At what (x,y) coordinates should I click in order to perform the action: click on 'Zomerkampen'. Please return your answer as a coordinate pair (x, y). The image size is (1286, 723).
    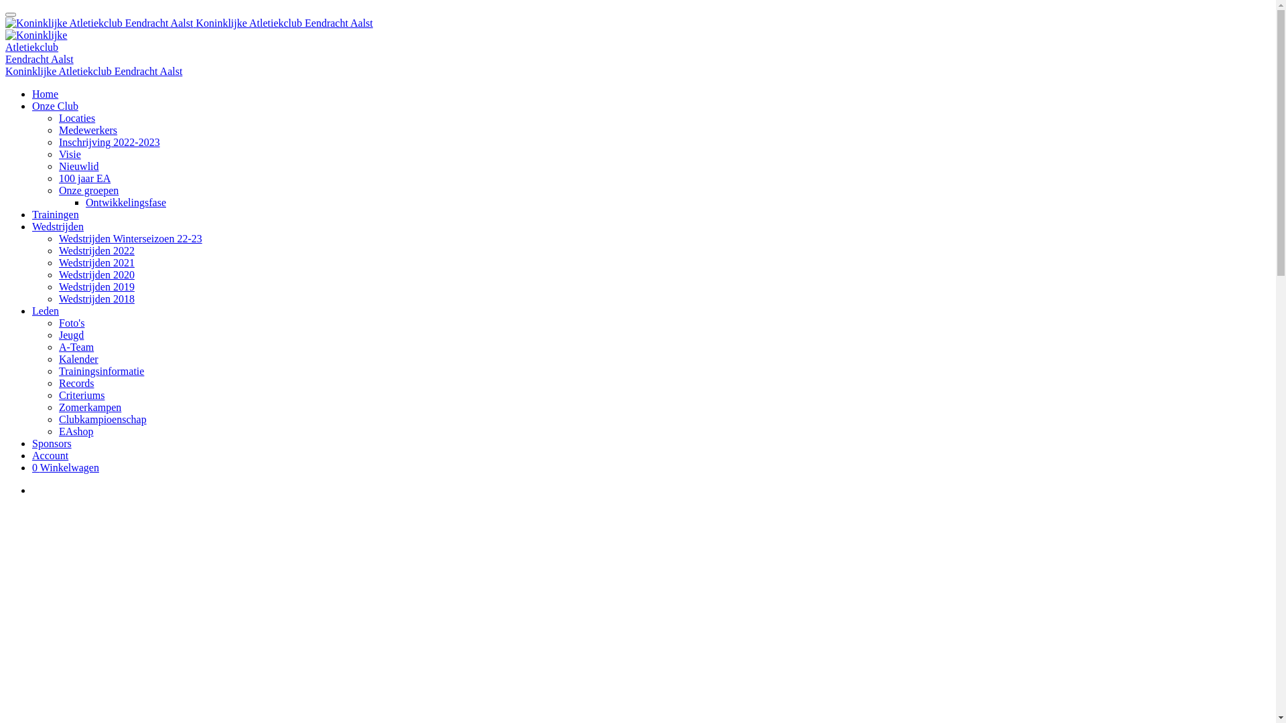
    Looking at the image, I should click on (89, 406).